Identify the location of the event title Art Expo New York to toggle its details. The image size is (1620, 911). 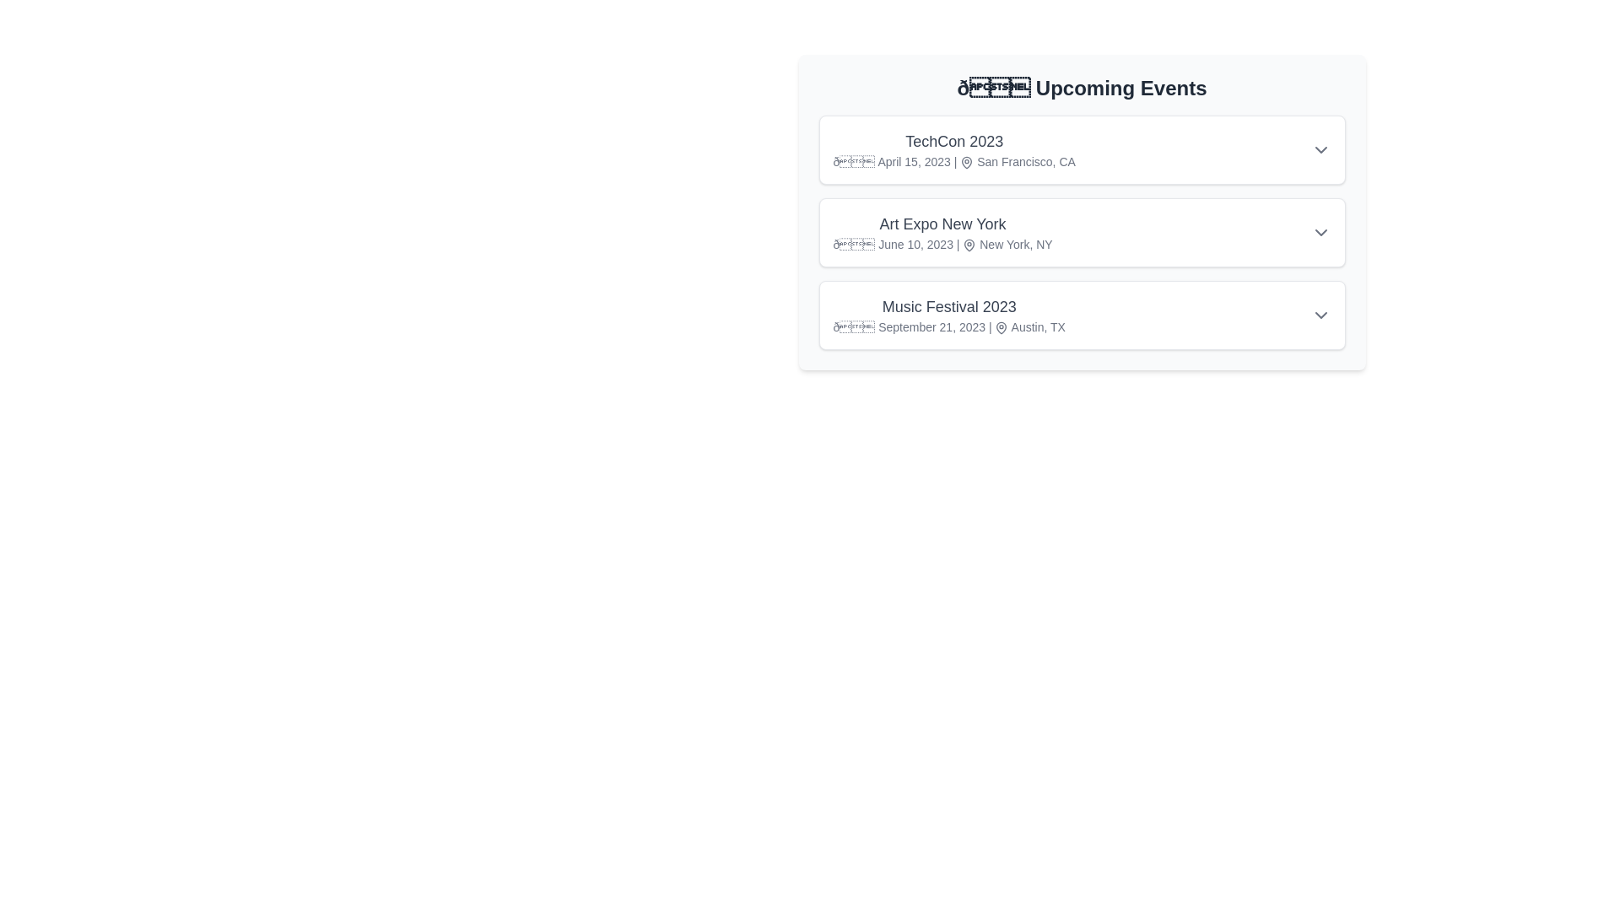
(942, 224).